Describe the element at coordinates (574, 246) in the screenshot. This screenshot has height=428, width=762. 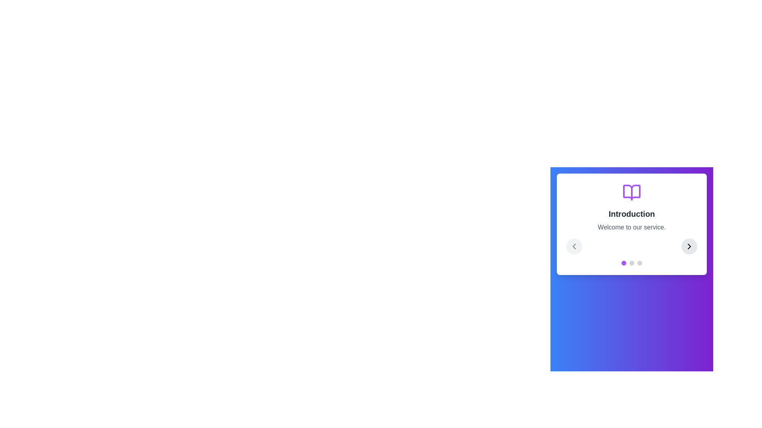
I see `the left arrow button to navigate to the previous step` at that location.